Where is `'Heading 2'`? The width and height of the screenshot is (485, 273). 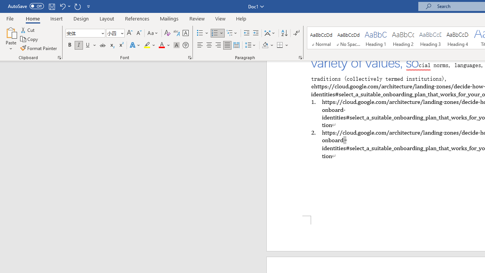 'Heading 2' is located at coordinates (402, 38).